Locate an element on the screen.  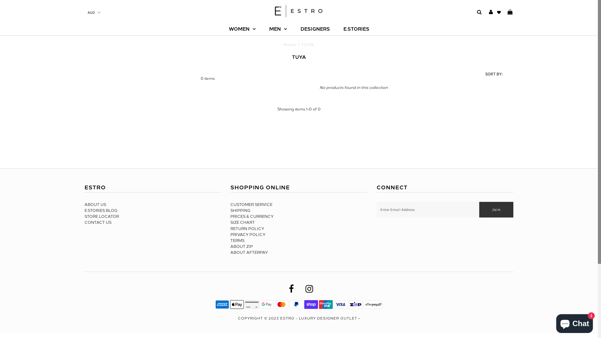
'Shopify online store chat' is located at coordinates (574, 322).